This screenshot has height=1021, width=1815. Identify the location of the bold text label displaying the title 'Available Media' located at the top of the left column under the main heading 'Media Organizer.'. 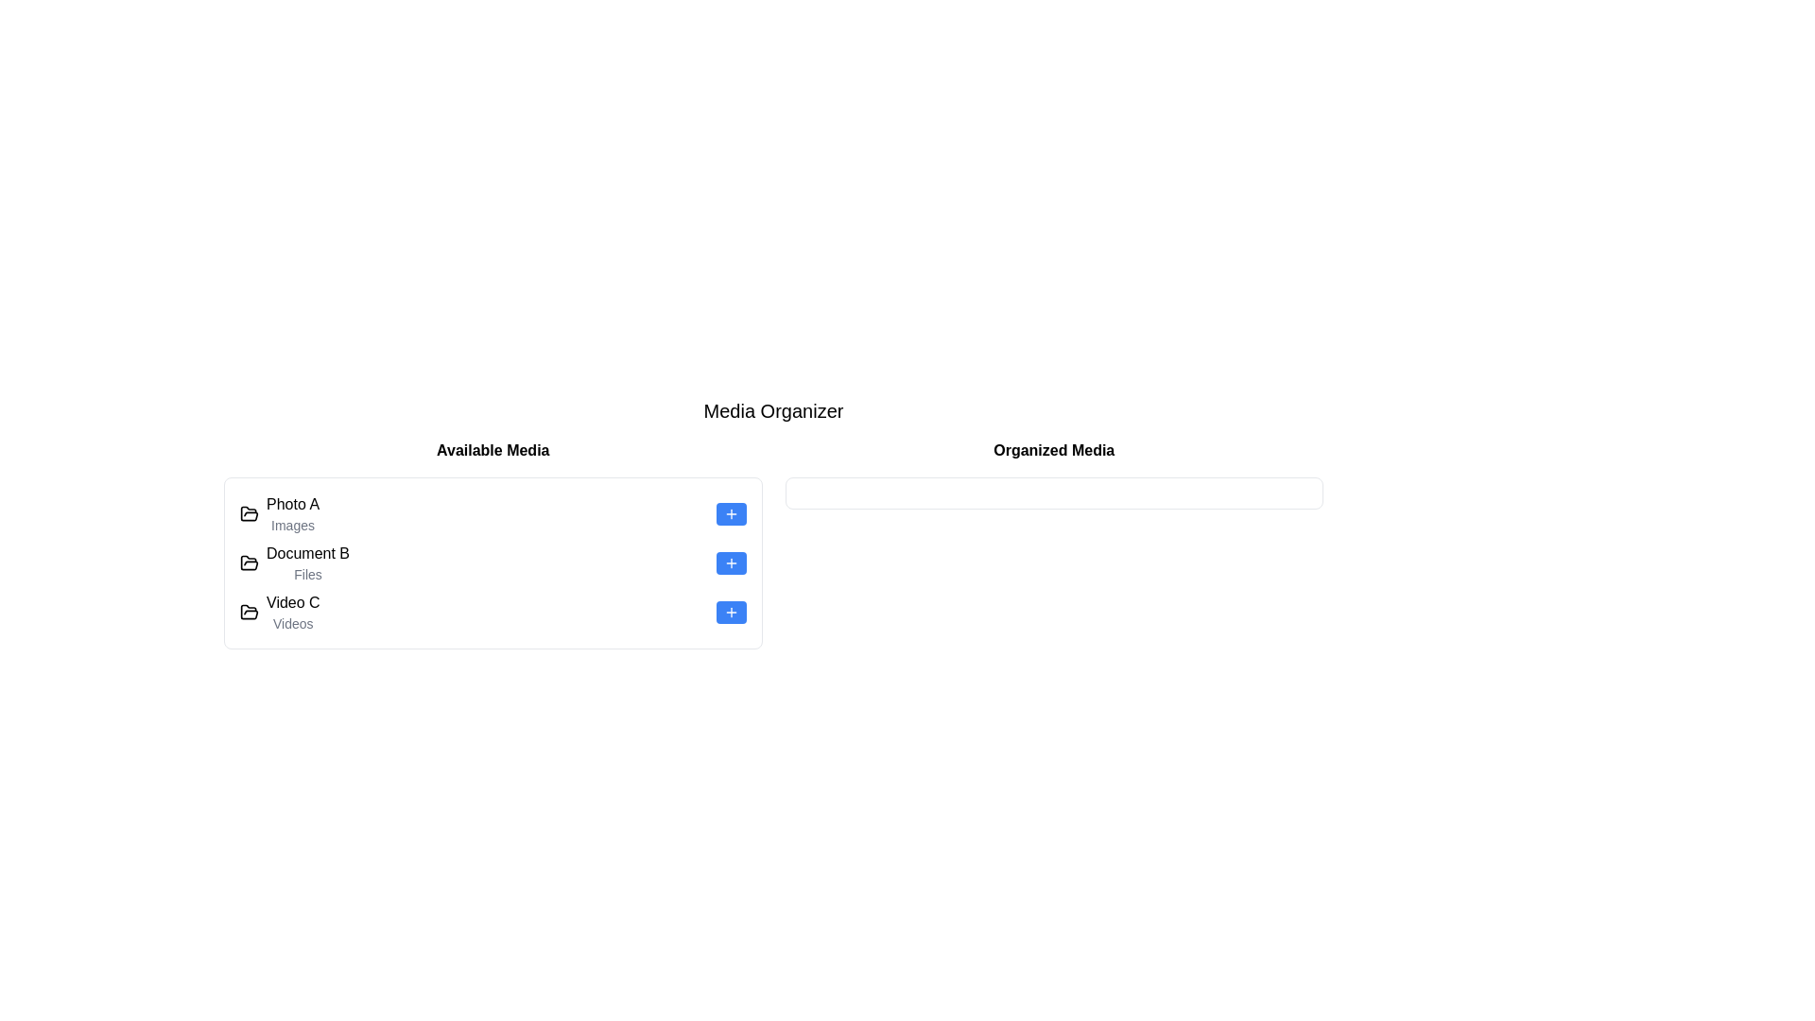
(493, 451).